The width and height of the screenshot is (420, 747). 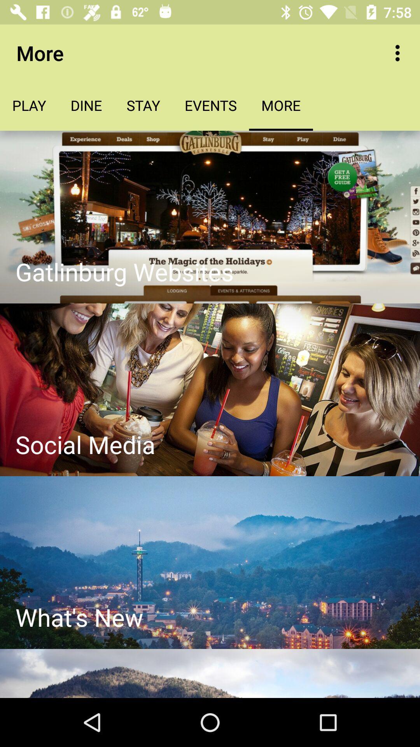 What do you see at coordinates (399, 53) in the screenshot?
I see `the icon next to the more item` at bounding box center [399, 53].